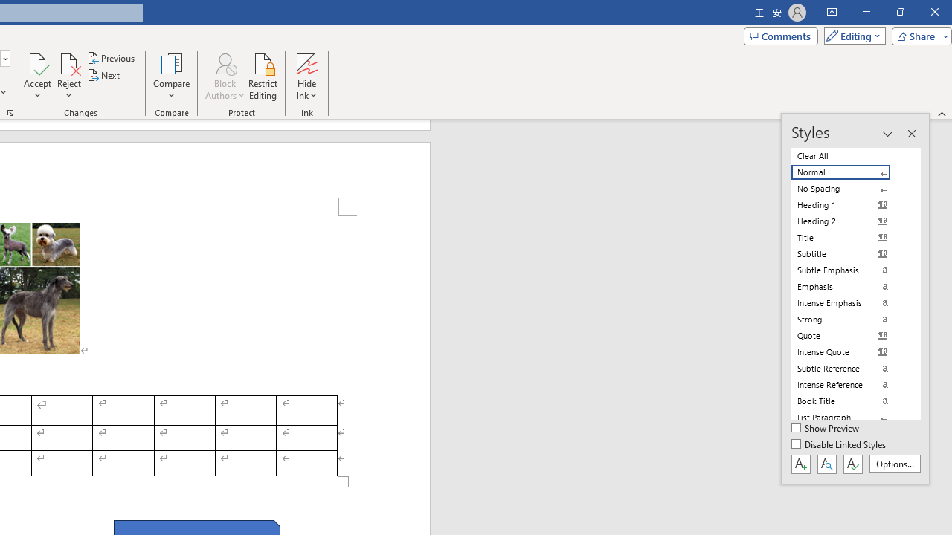  Describe the element at coordinates (849, 286) in the screenshot. I see `'Emphasis'` at that location.